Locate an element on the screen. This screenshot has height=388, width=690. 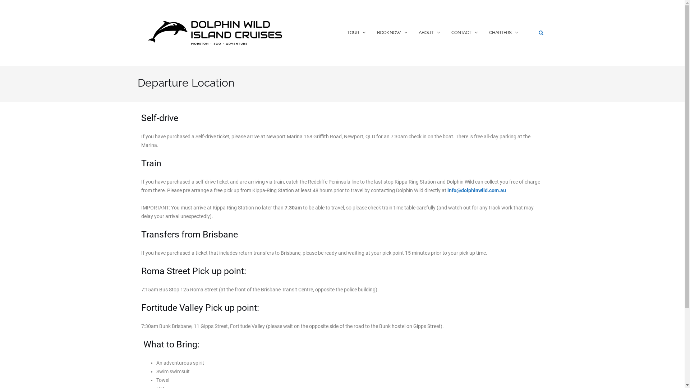
'CONTACT' is located at coordinates (461, 33).